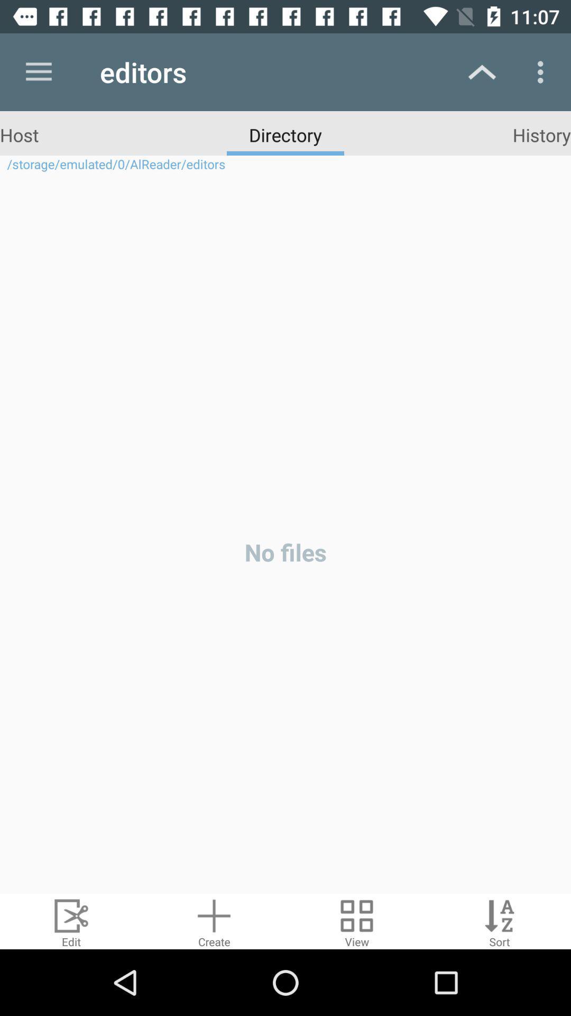  What do you see at coordinates (214, 921) in the screenshot?
I see `a document` at bounding box center [214, 921].